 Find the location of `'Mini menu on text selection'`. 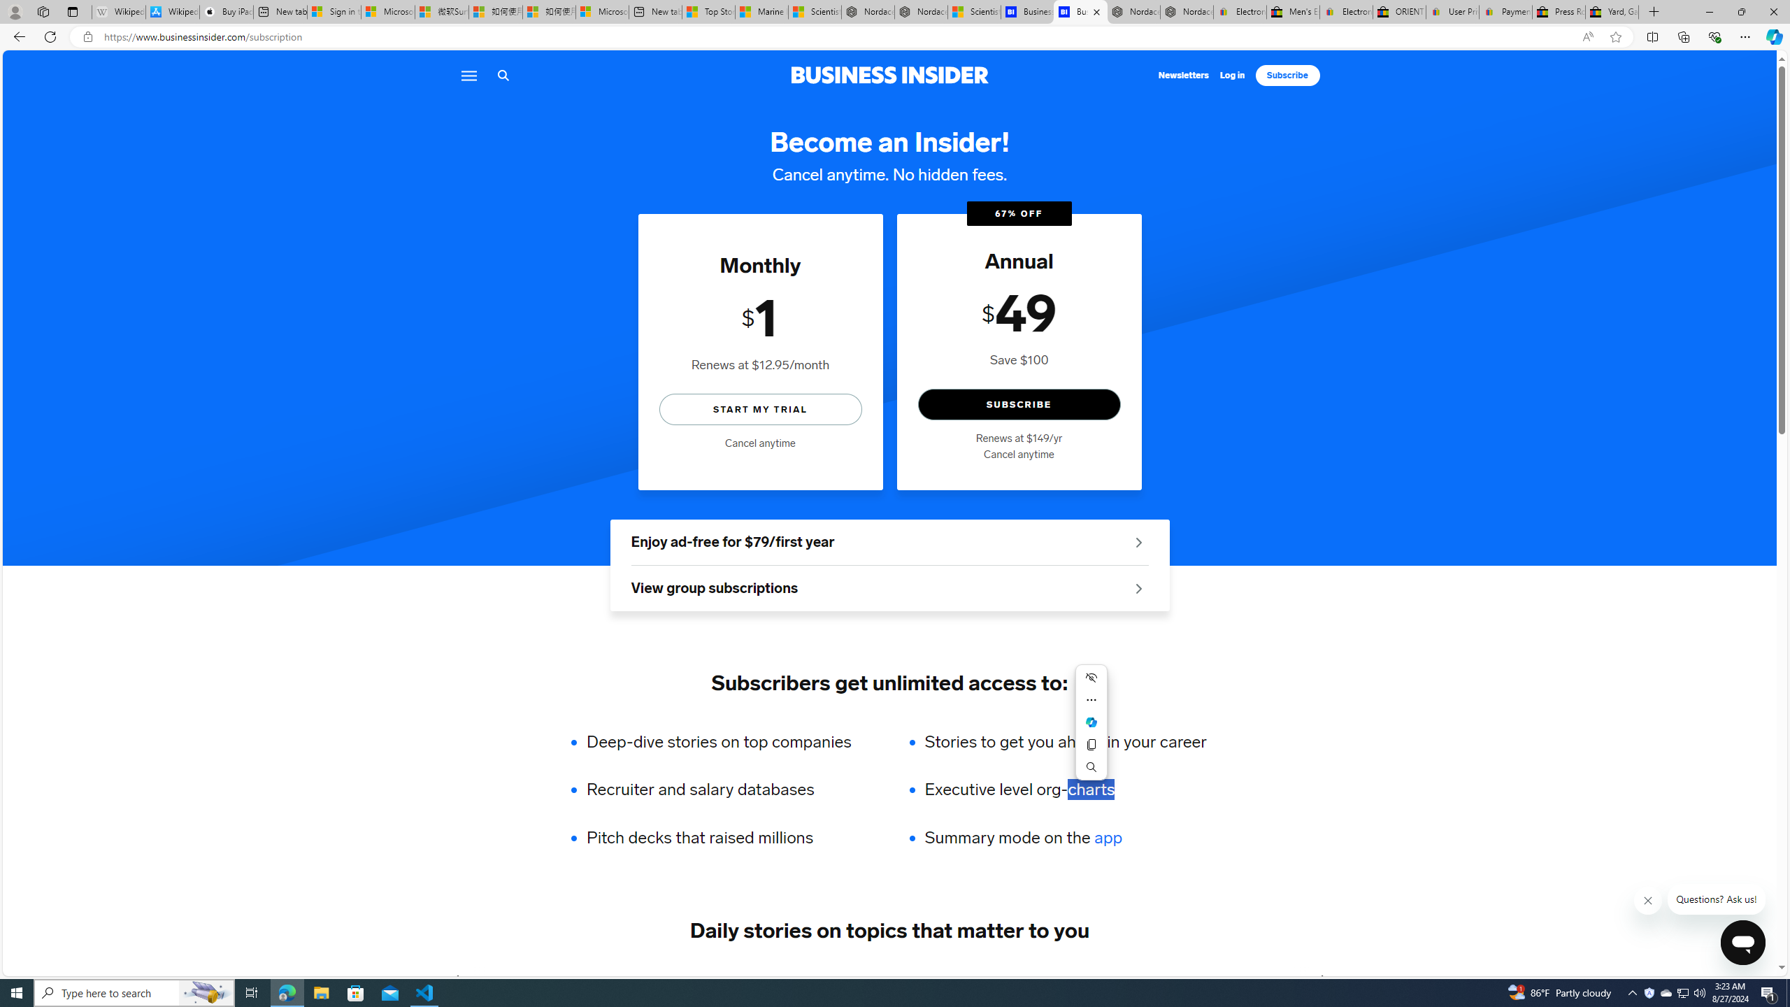

'Mini menu on text selection' is located at coordinates (1091, 721).